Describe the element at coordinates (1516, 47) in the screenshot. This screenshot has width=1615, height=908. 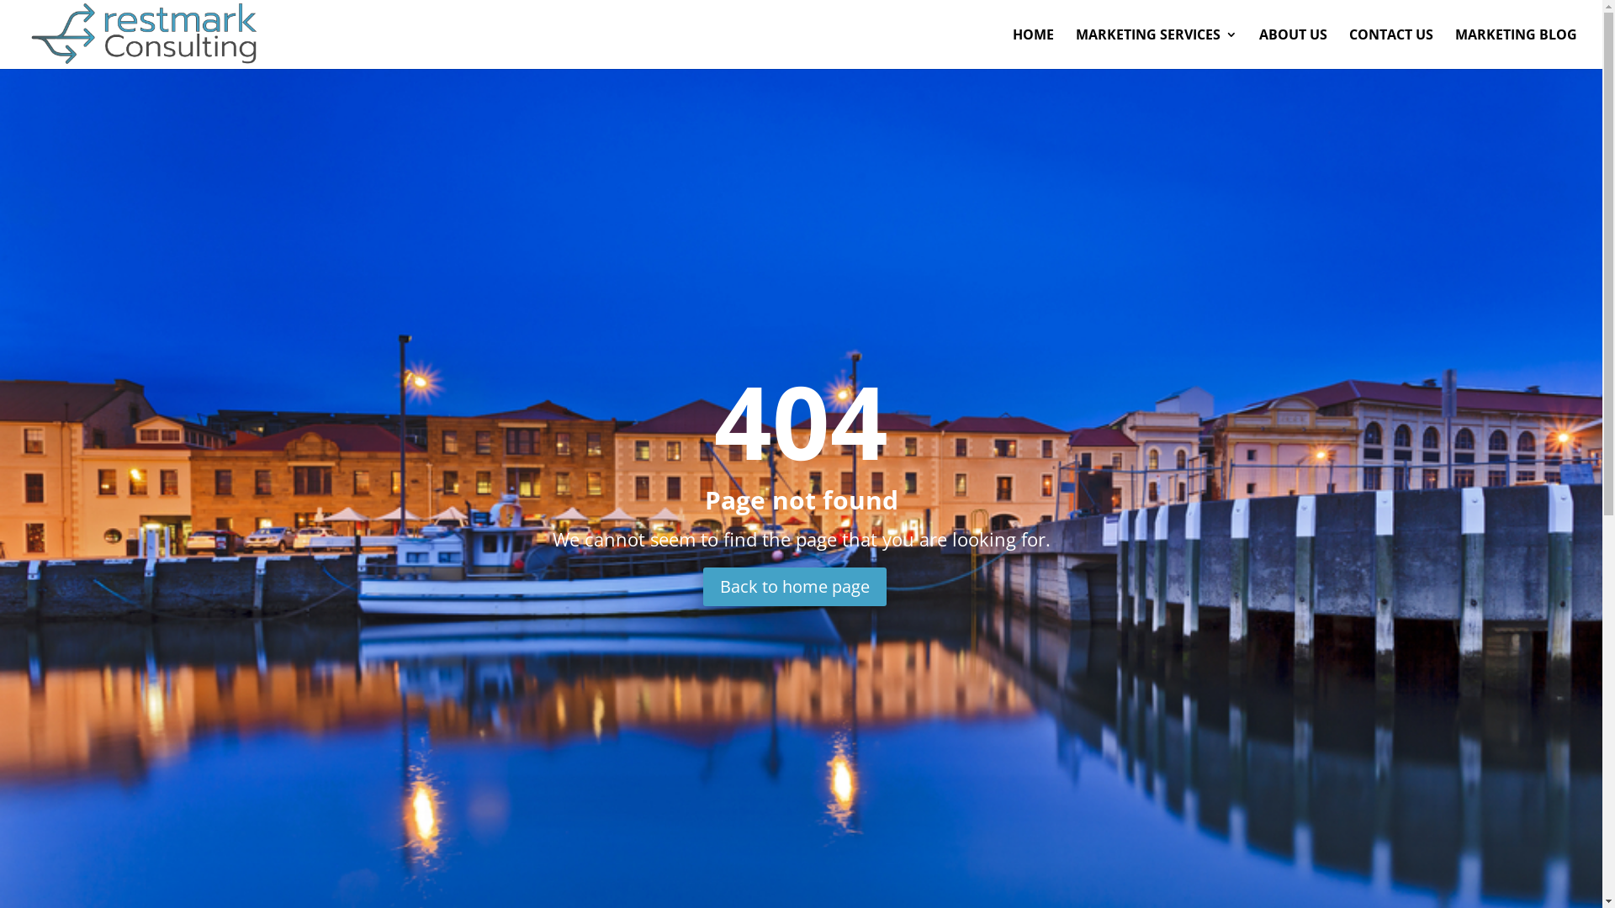
I see `'MARKETING BLOG'` at that location.